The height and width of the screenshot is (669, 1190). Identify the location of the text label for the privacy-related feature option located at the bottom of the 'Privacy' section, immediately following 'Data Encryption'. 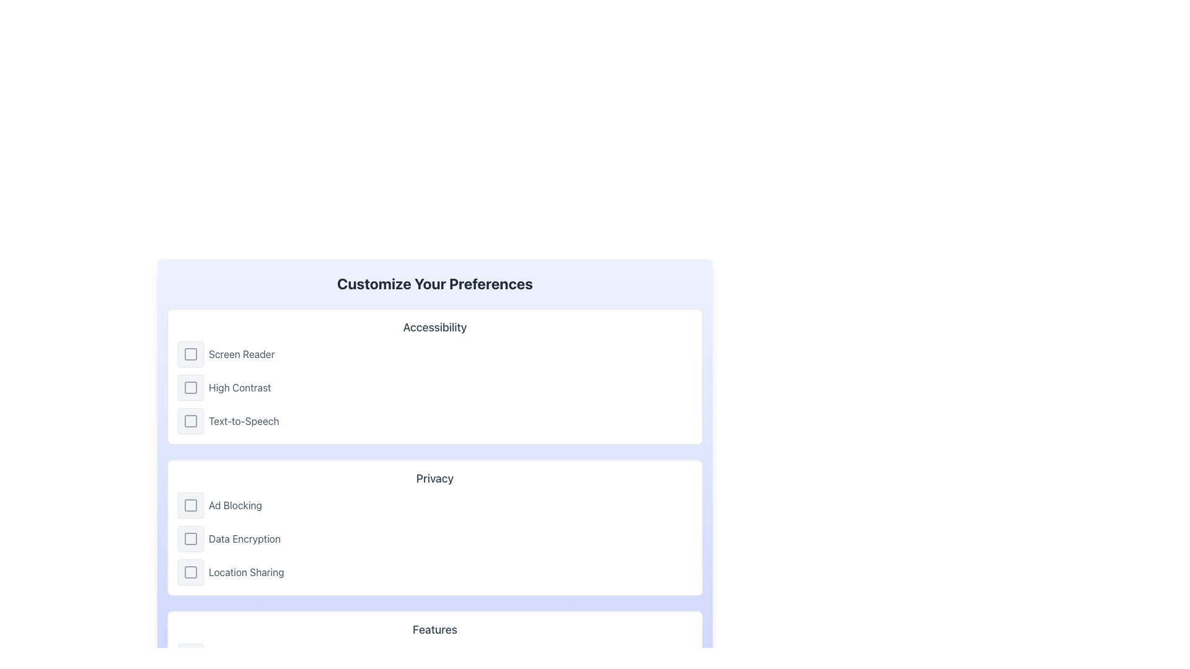
(246, 572).